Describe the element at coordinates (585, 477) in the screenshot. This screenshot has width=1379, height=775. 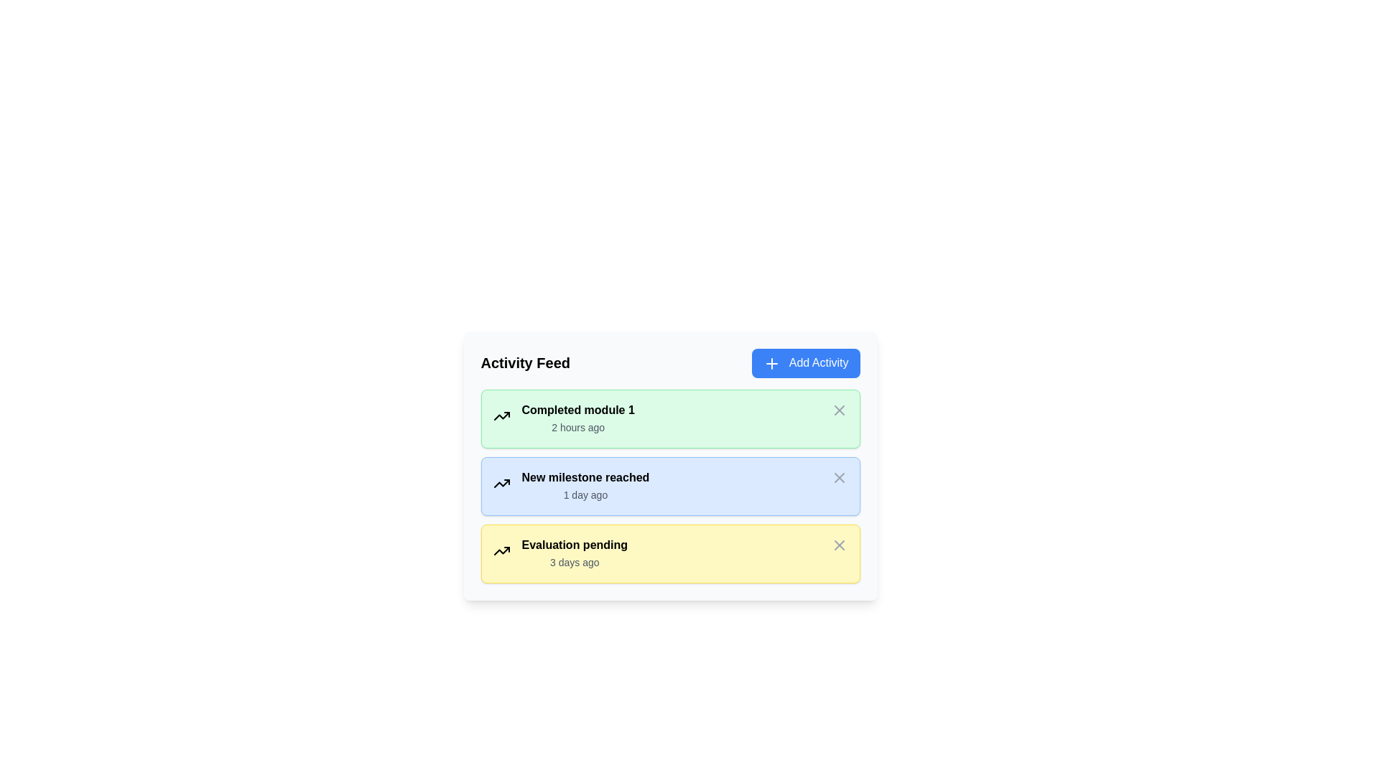
I see `text displayed in the bold font saying 'New milestone reached', which is located in the second item of an activity feed, positioned below 'Completed module 1' and above 'Evaluation pending'` at that location.